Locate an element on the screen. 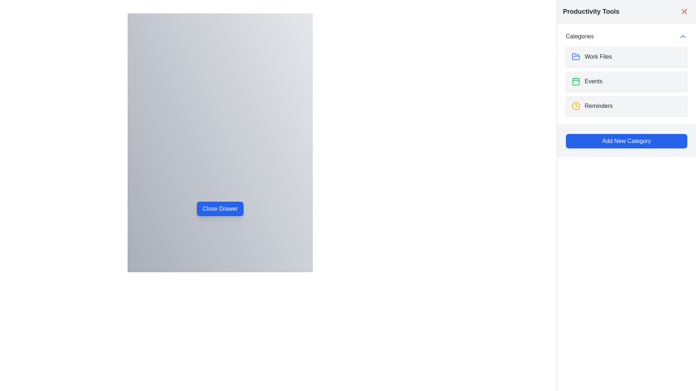  the first button in the 'Categories' section of the right-hand sidebar is located at coordinates (626, 56).